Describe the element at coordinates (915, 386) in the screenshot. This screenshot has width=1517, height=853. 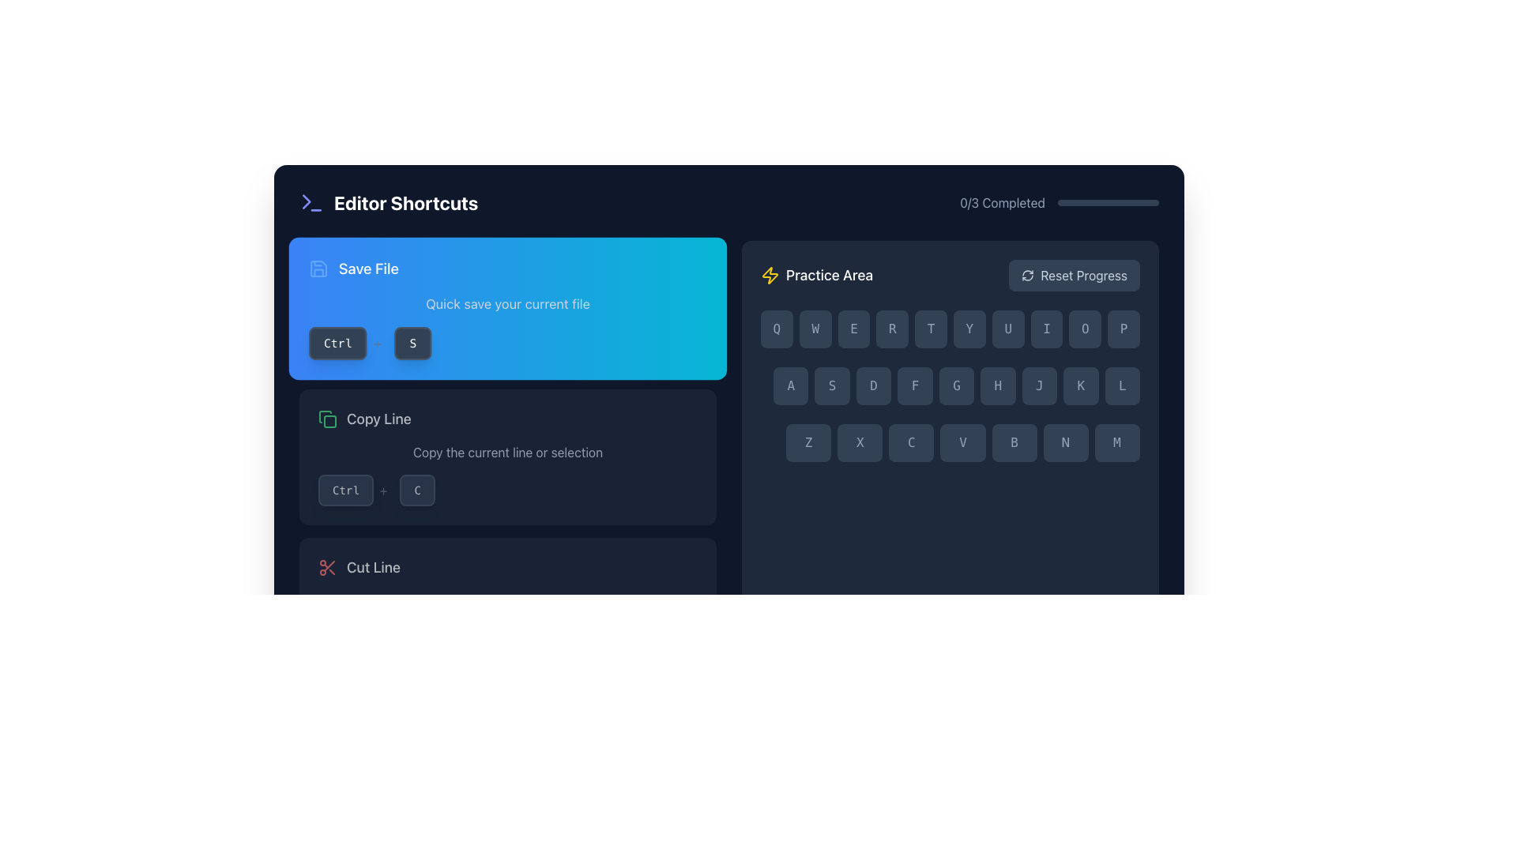
I see `the virtual keyboard button located in the 'Practice Area' on the right side of the interface` at that location.